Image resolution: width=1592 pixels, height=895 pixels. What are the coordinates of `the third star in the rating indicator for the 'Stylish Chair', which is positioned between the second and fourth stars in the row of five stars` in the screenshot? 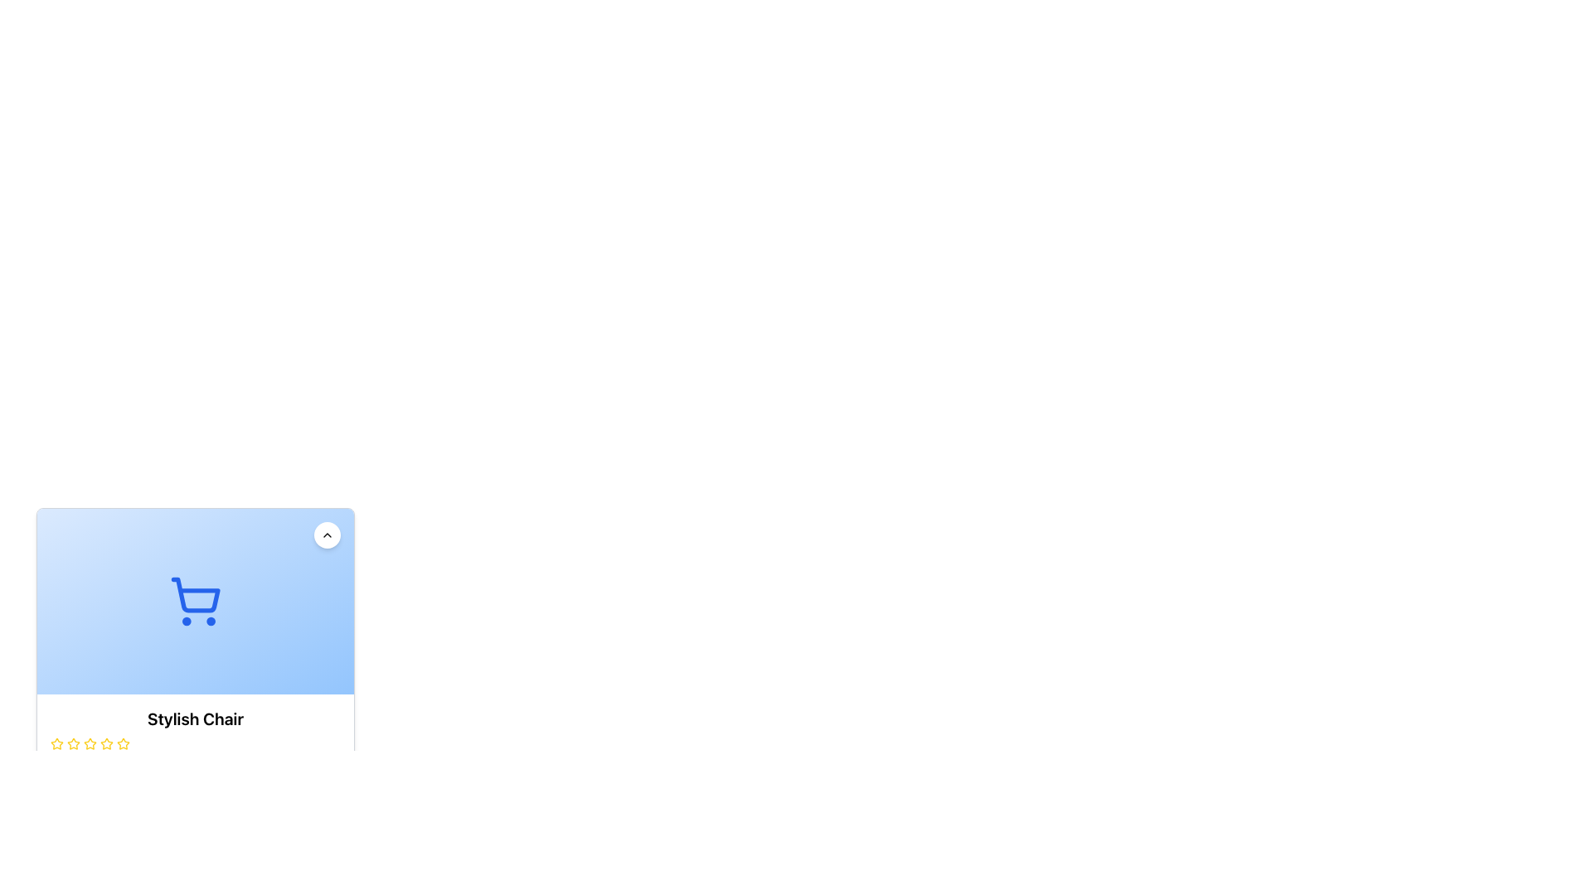 It's located at (106, 743).